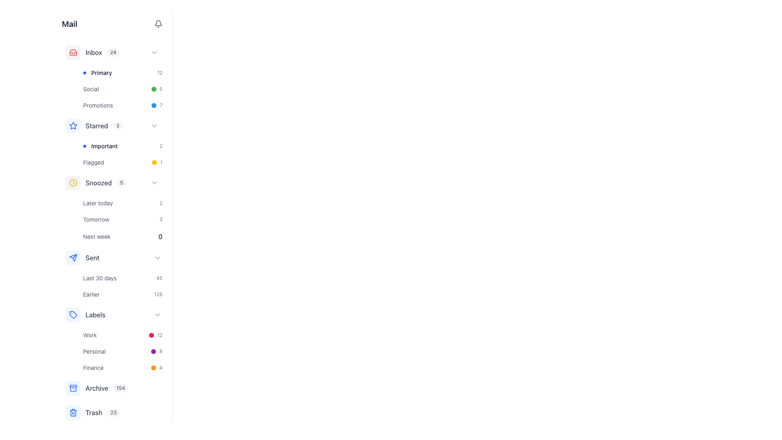 This screenshot has width=782, height=440. What do you see at coordinates (158, 257) in the screenshot?
I see `the chevron icon for the dropdown toggle in the 'Sent' section` at bounding box center [158, 257].